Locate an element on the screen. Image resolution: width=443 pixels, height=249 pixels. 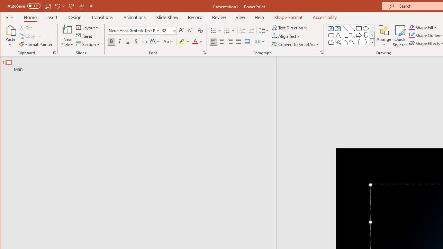
'Quick Styles' is located at coordinates (400, 36).